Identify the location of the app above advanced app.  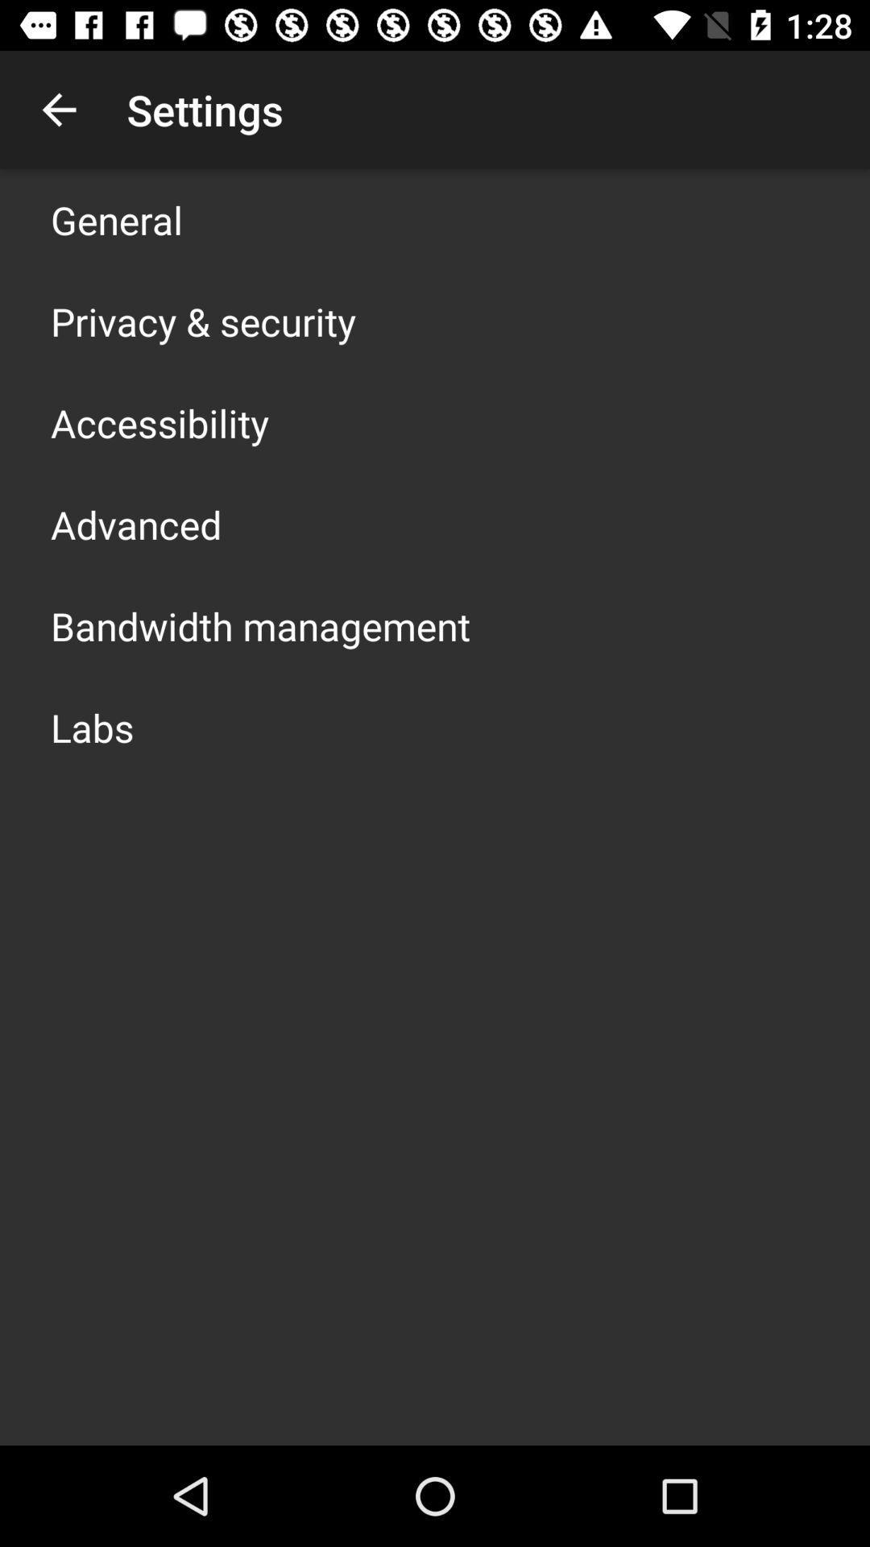
(159, 422).